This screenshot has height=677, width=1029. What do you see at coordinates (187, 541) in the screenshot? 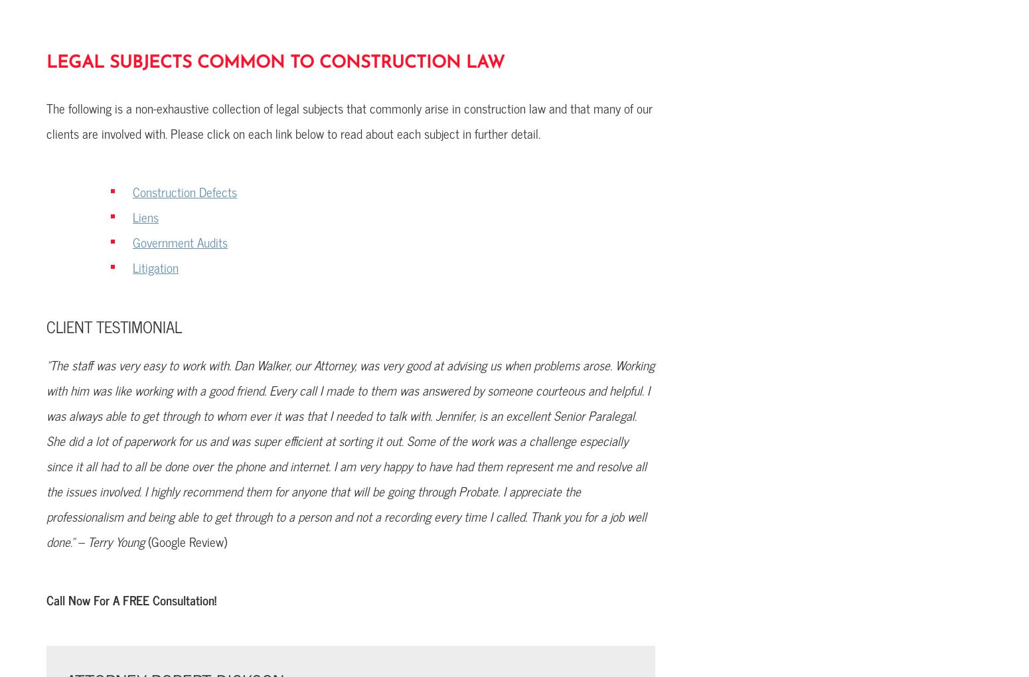
I see `'(Google Review)'` at bounding box center [187, 541].